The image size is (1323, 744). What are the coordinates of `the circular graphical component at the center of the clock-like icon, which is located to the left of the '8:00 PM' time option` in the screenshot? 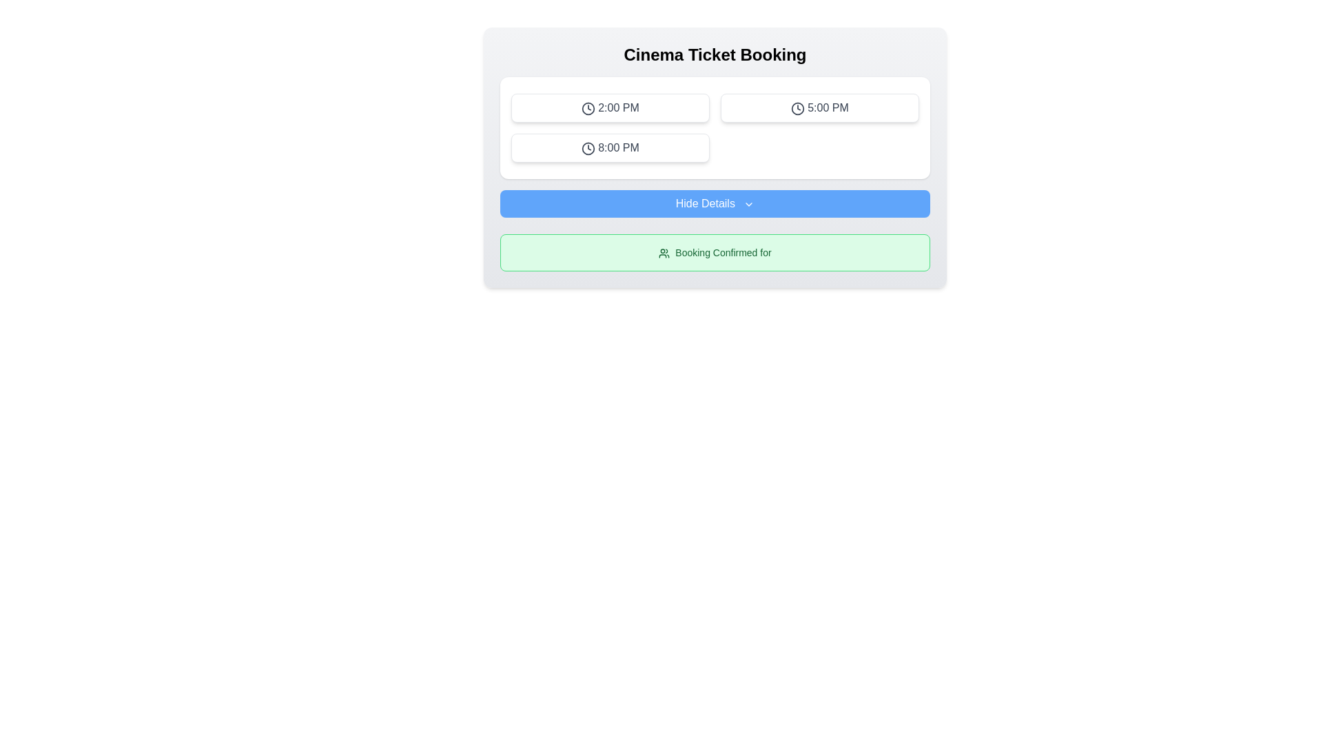 It's located at (588, 148).